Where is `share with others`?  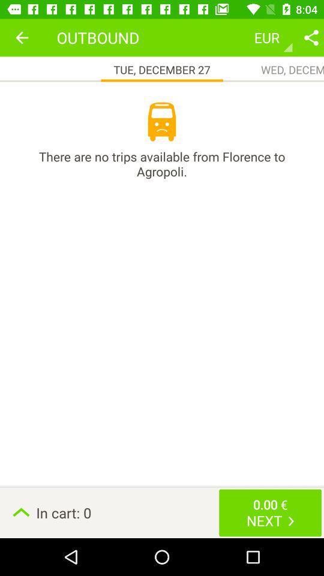 share with others is located at coordinates (311, 37).